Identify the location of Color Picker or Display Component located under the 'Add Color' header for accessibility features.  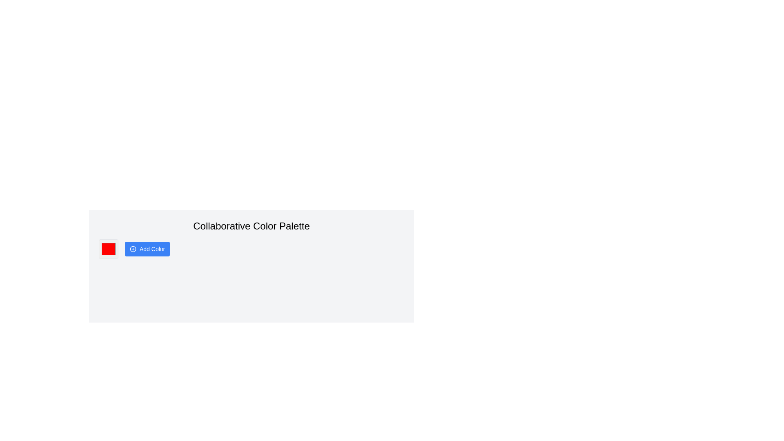
(108, 248).